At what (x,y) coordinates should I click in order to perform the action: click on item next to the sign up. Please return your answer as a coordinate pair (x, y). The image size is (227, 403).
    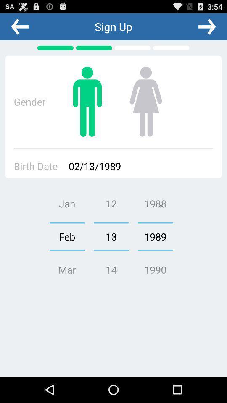
    Looking at the image, I should click on (20, 26).